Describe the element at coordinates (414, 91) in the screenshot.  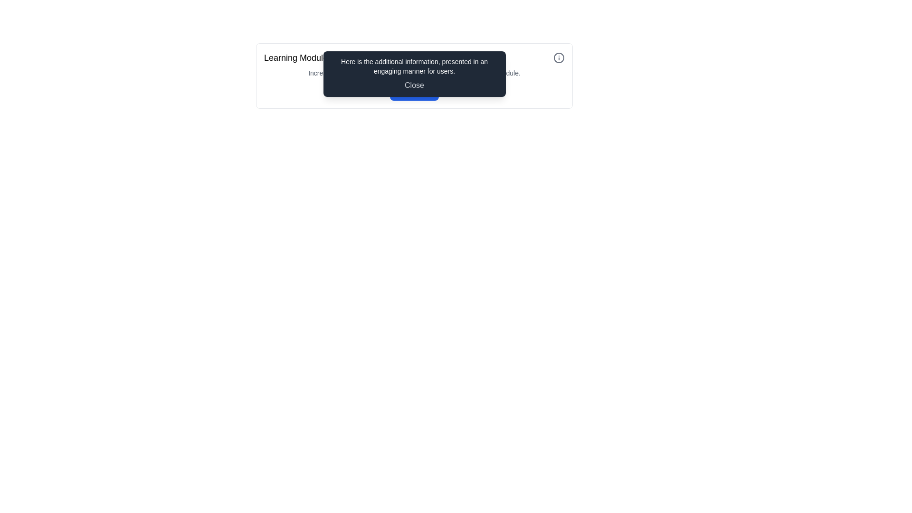
I see `the button located at the bottom of the card, below the text 'Increase your knowledge and skills through this comprehensive module.', to initiate an action` at that location.